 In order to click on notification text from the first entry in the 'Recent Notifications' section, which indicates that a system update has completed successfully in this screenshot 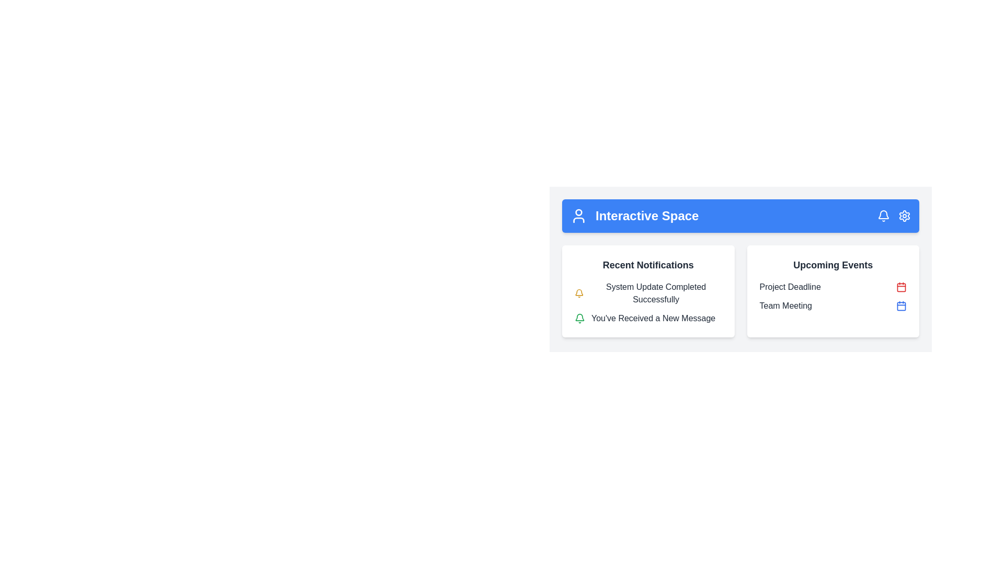, I will do `click(647, 293)`.